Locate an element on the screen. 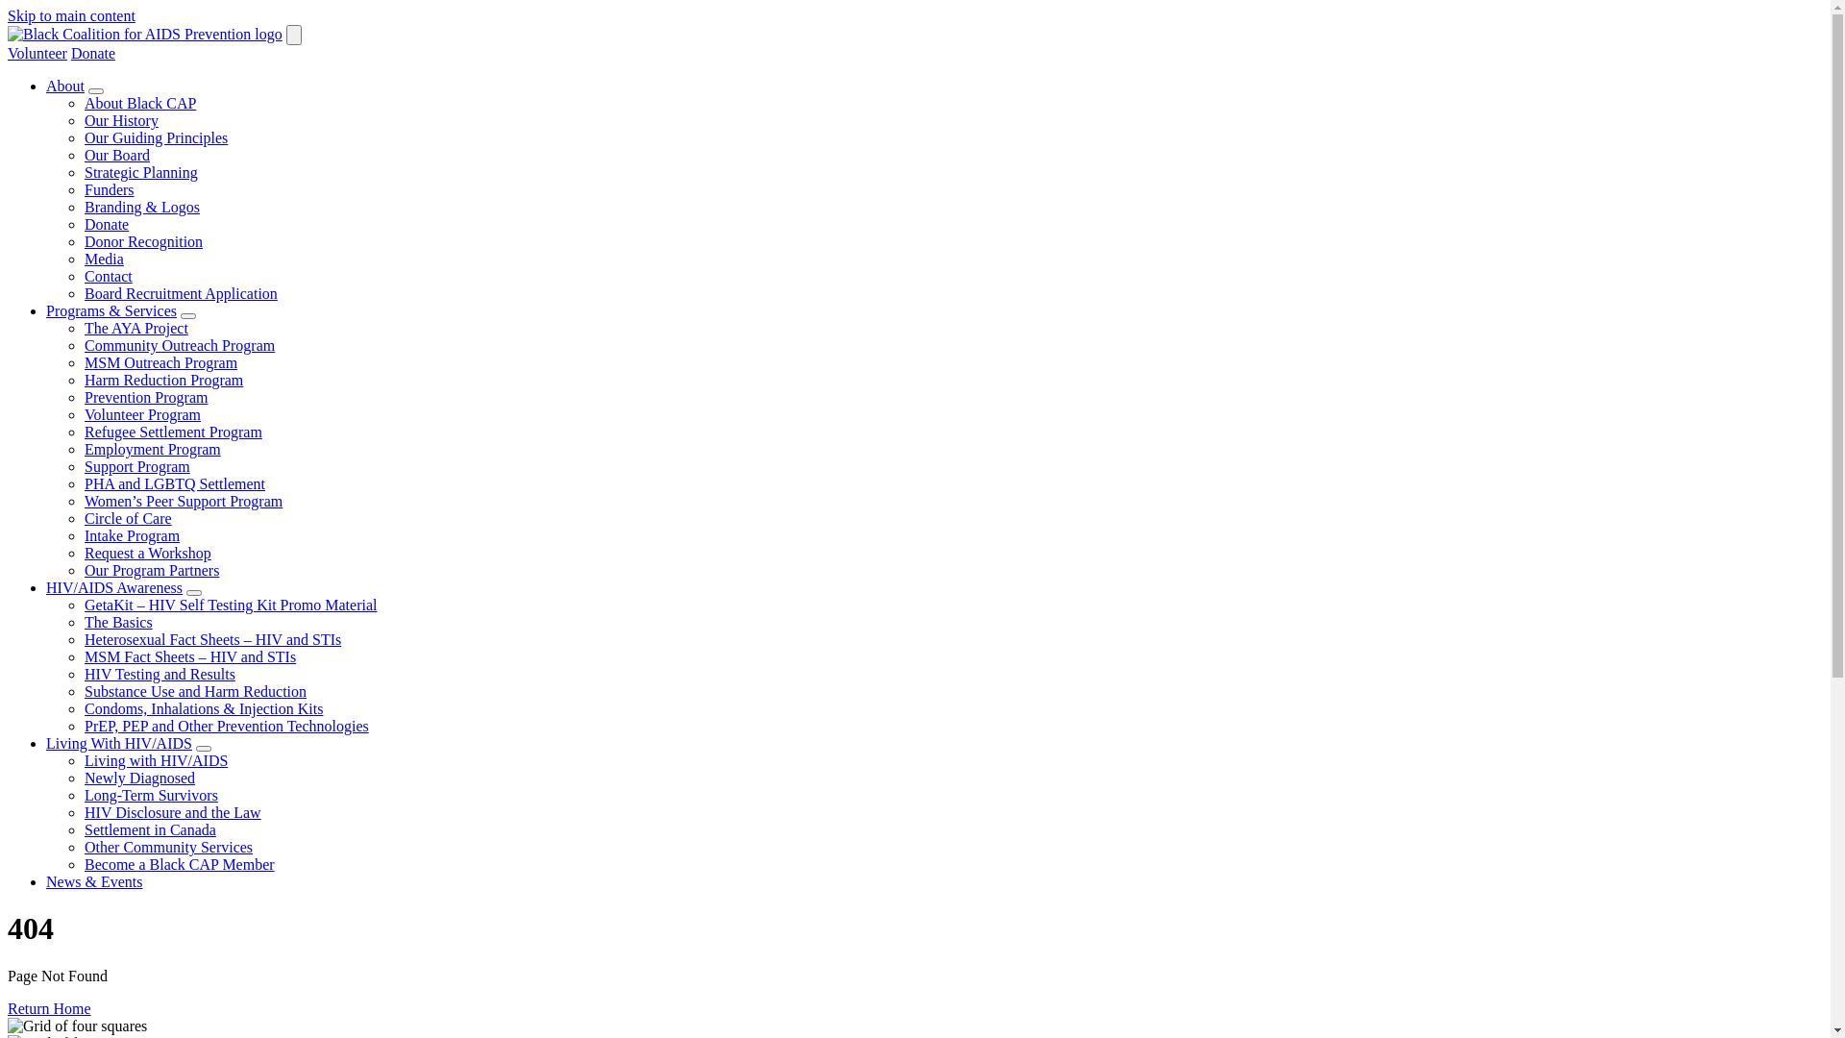 The height and width of the screenshot is (1038, 1845). 'Settlement in Canada' is located at coordinates (83, 828).